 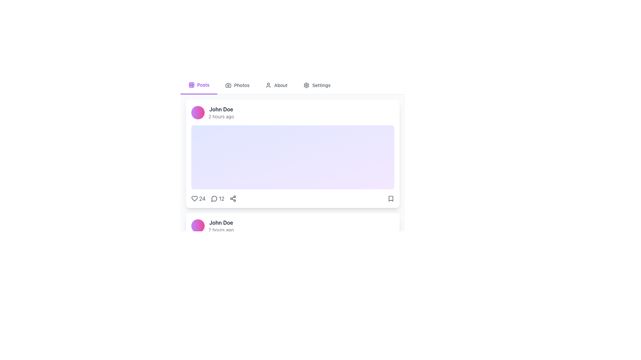 I want to click on the hollow heart icon with a gray outline, located in the lower-left section of a post, near metrics such as like counts, so click(x=194, y=198).